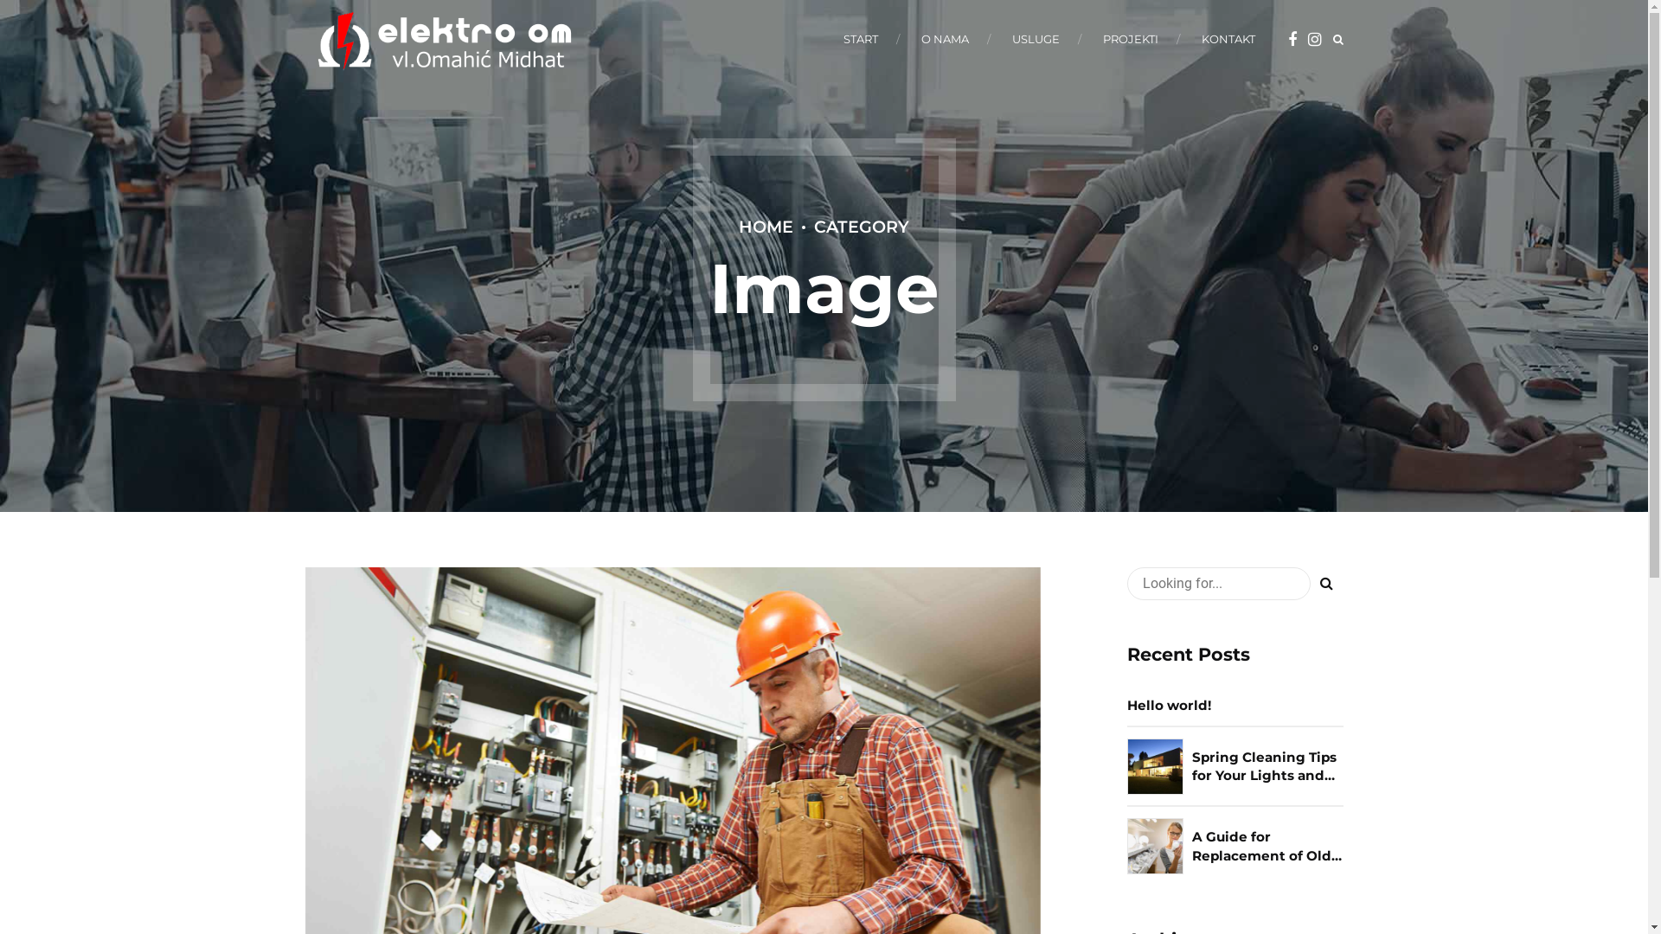 Image resolution: width=1661 pixels, height=934 pixels. What do you see at coordinates (765, 226) in the screenshot?
I see `'HOME'` at bounding box center [765, 226].